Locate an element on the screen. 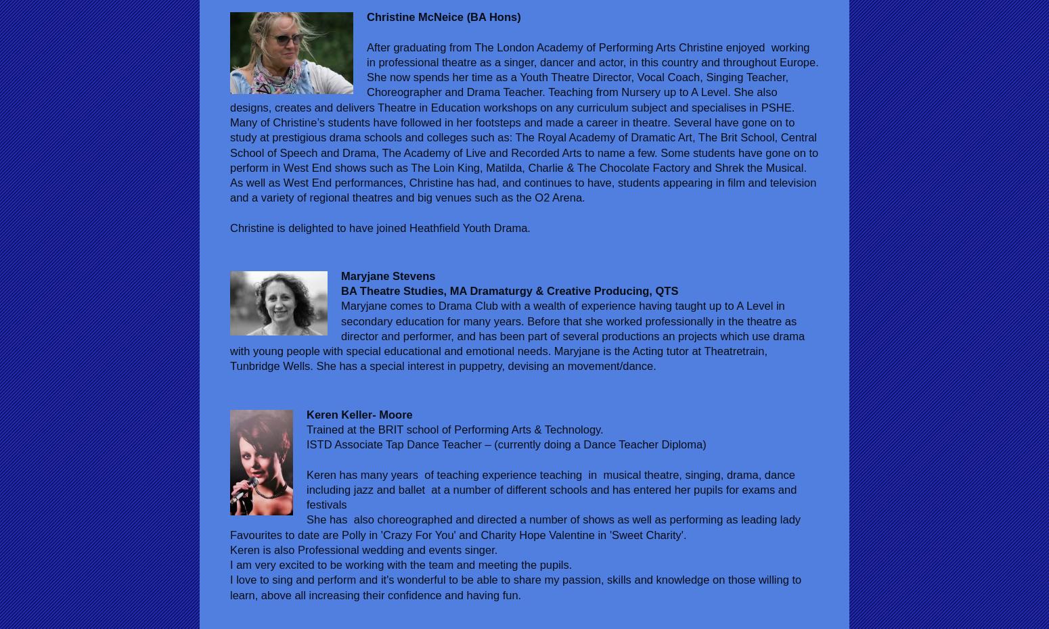 Image resolution: width=1049 pixels, height=629 pixels. 'BA Theatre Studies, MA Dramaturgy & Creative Producing, QTS' is located at coordinates (509, 291).